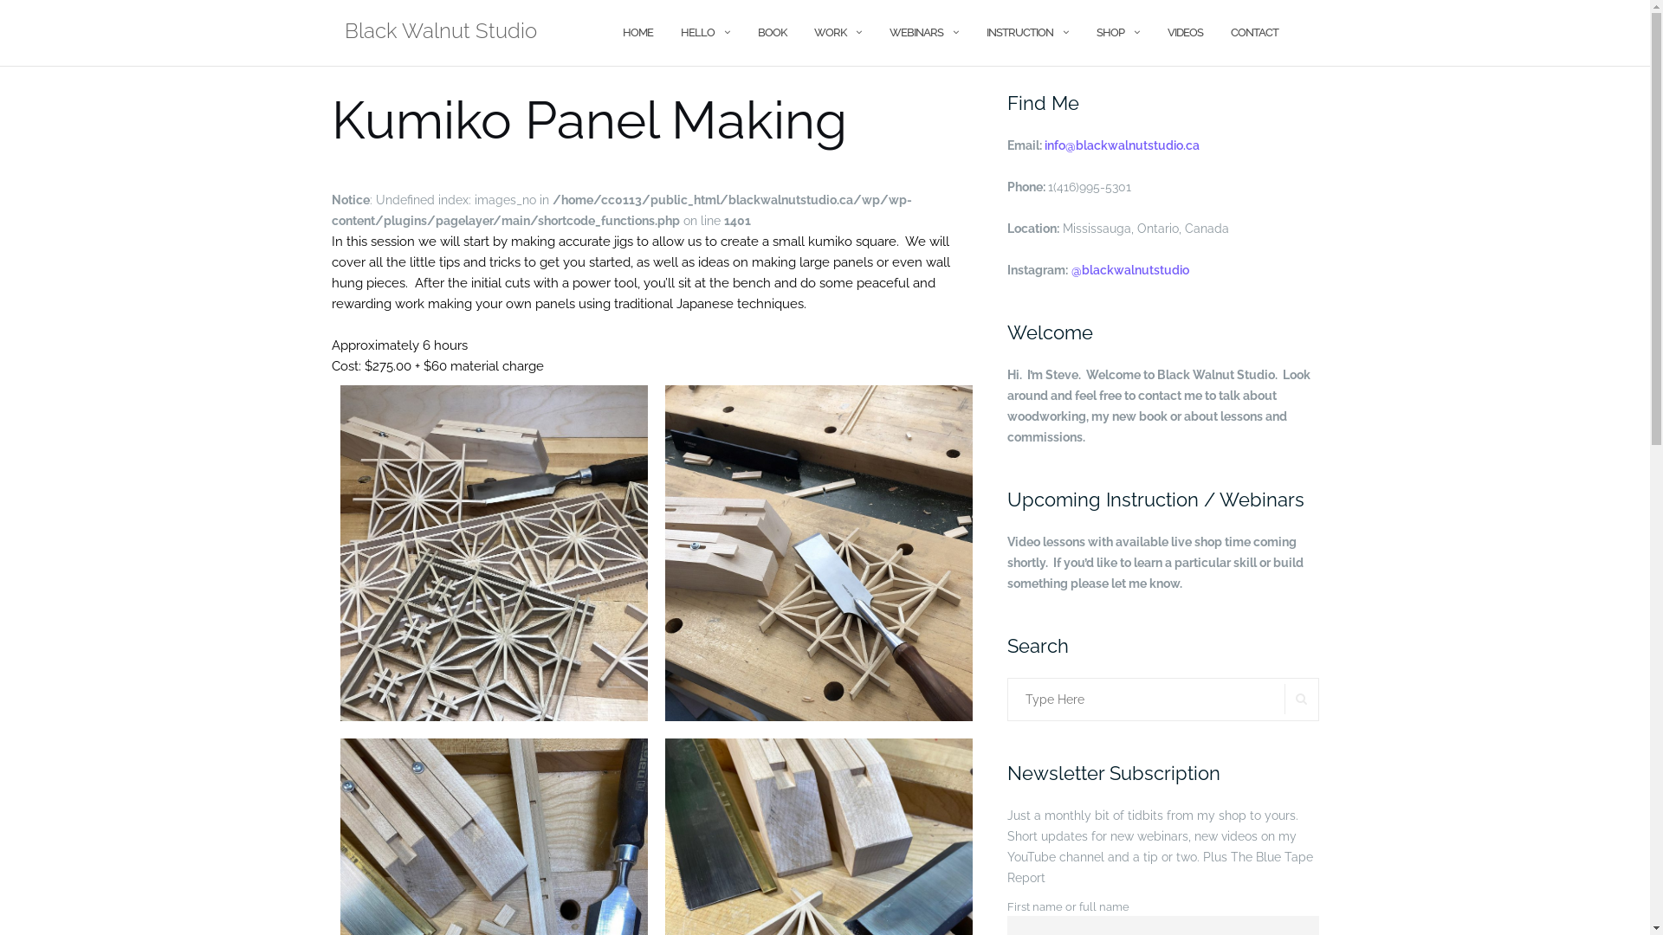 This screenshot has width=1663, height=935. Describe the element at coordinates (770, 32) in the screenshot. I see `'BOOK'` at that location.